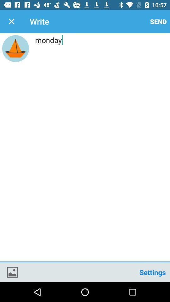  I want to click on icon at the bottom right corner, so click(152, 272).